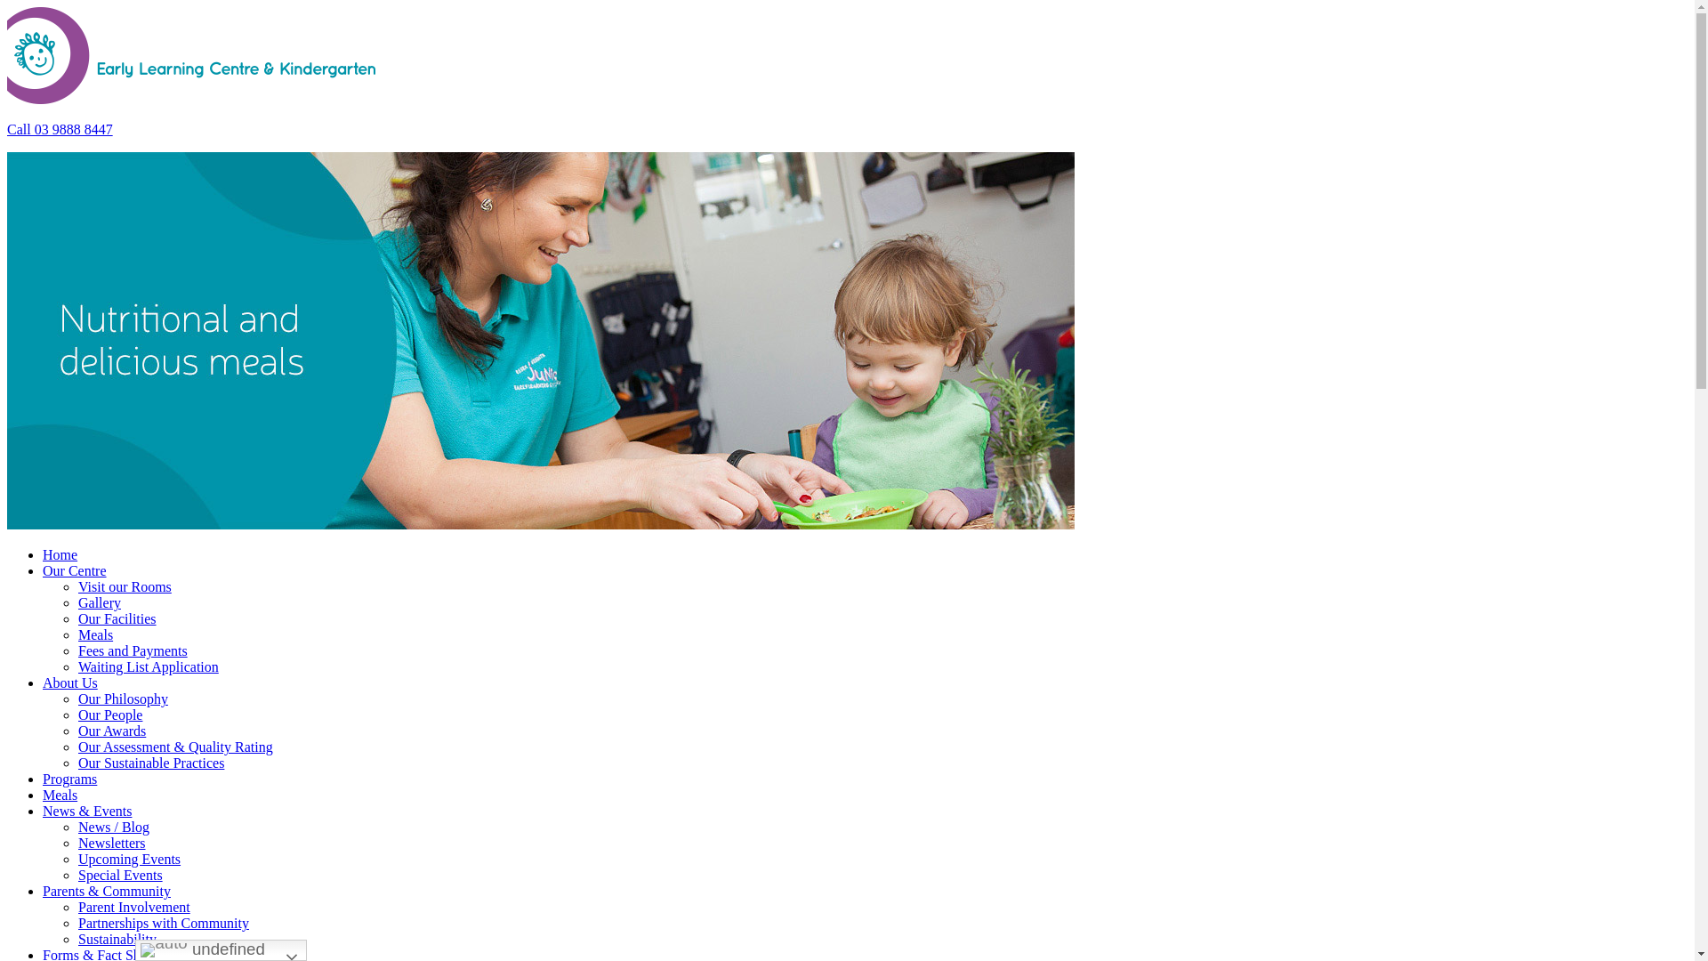  I want to click on 'Our Centre', so click(73, 570).